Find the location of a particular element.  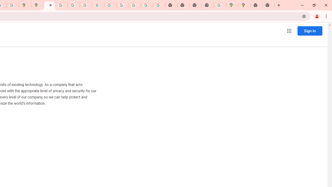

'Bookmark this tab' is located at coordinates (304, 16).